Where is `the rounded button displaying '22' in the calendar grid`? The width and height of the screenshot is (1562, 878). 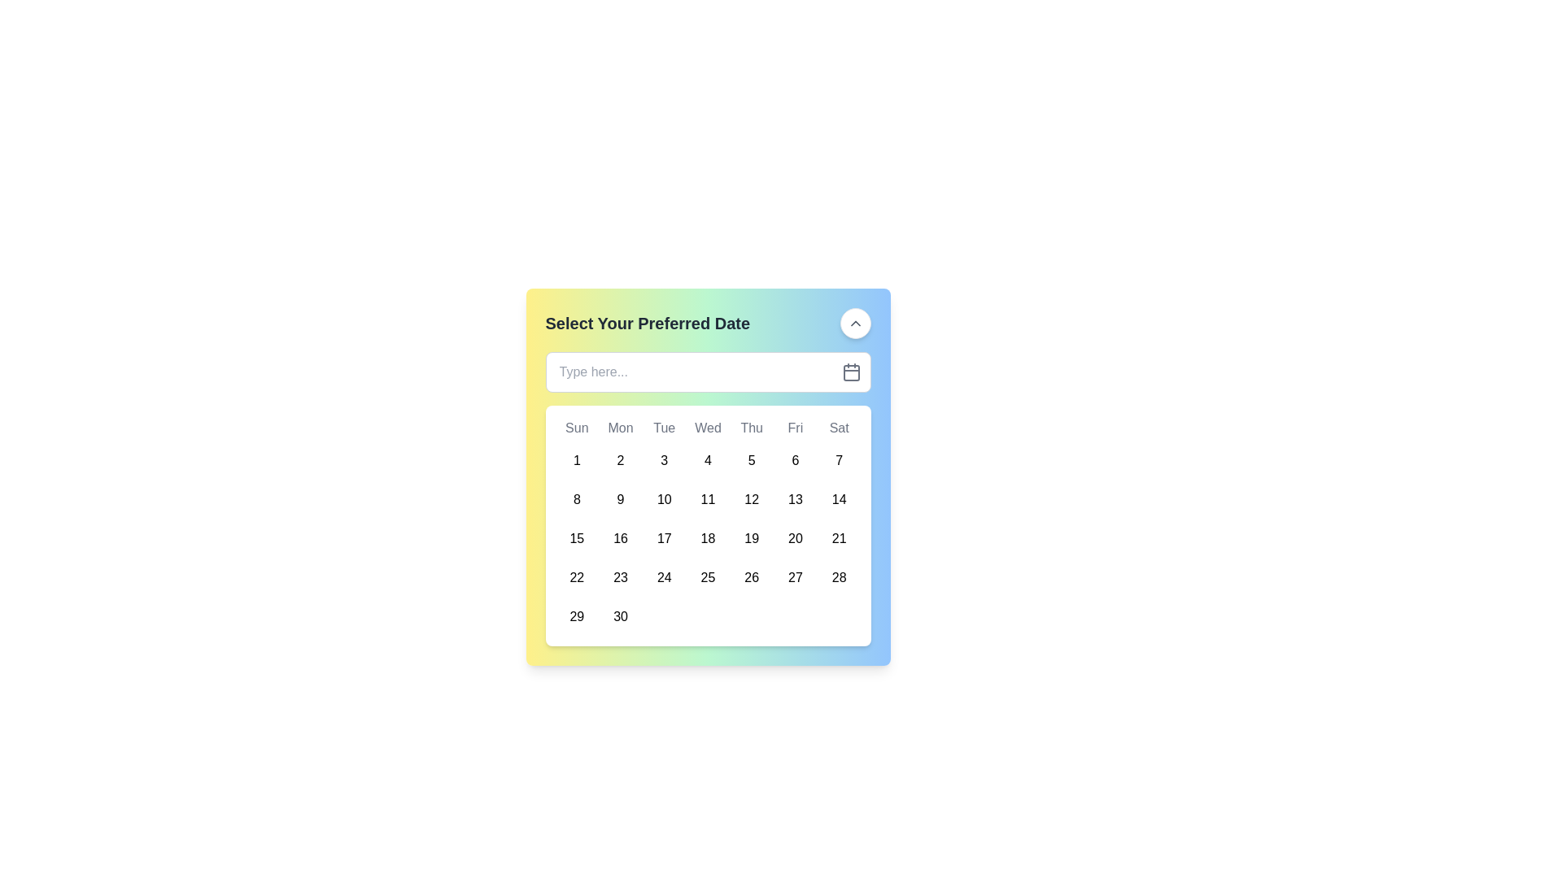
the rounded button displaying '22' in the calendar grid is located at coordinates (577, 576).